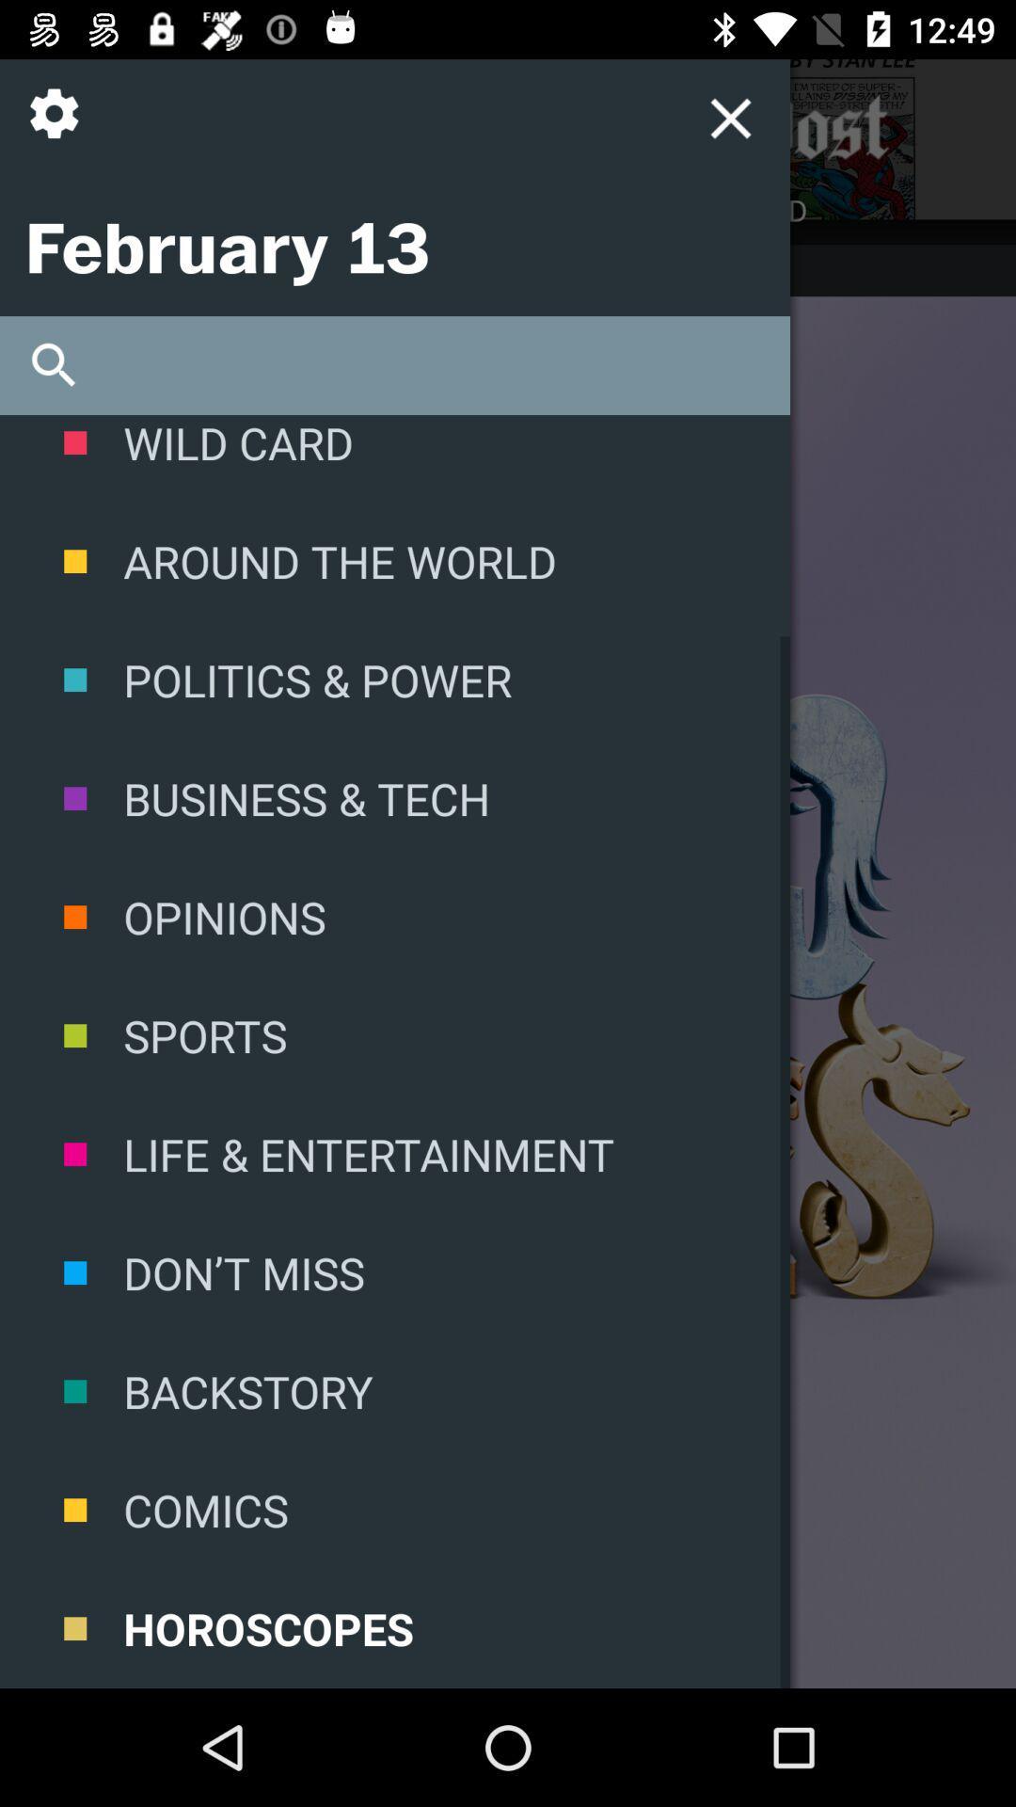 This screenshot has width=1016, height=1807. What do you see at coordinates (394, 1153) in the screenshot?
I see `app below sports item` at bounding box center [394, 1153].